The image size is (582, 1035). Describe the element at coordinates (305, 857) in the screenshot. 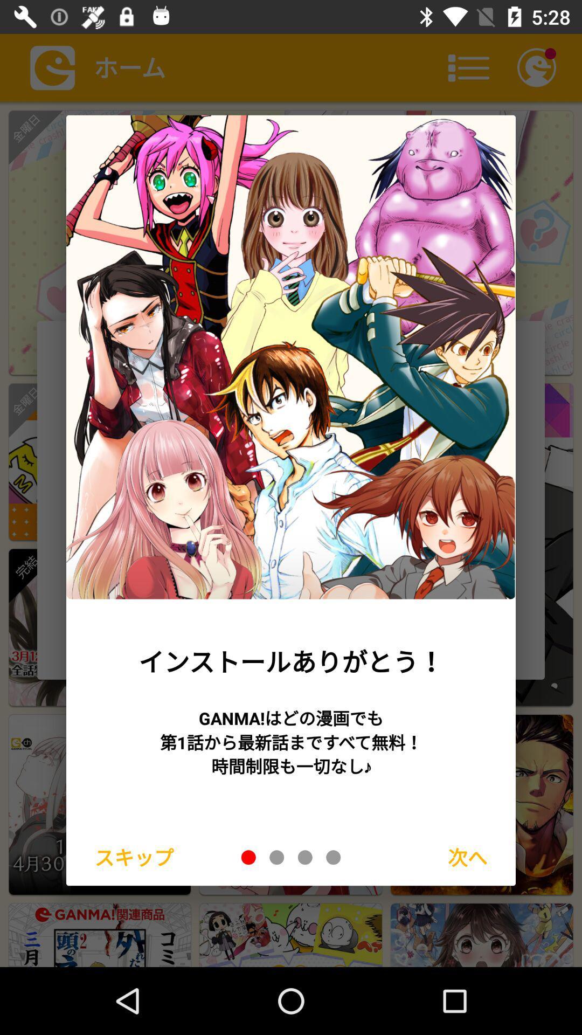

I see `page and open` at that location.